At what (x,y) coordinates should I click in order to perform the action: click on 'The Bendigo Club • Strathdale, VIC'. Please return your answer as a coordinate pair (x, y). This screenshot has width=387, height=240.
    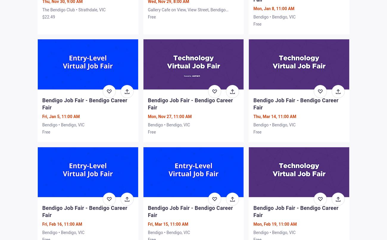
    Looking at the image, I should click on (74, 10).